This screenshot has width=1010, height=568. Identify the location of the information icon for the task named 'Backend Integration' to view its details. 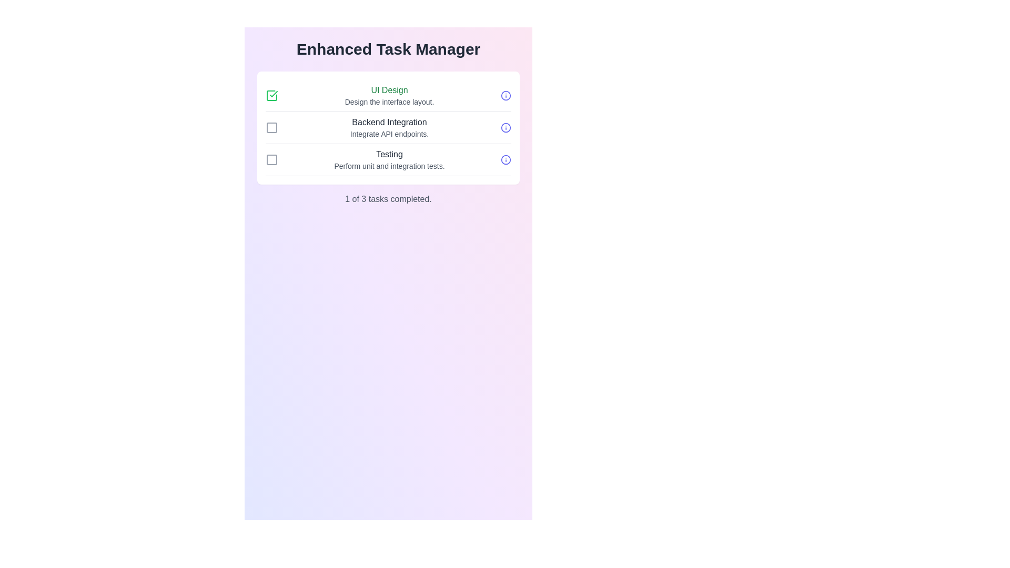
(506, 127).